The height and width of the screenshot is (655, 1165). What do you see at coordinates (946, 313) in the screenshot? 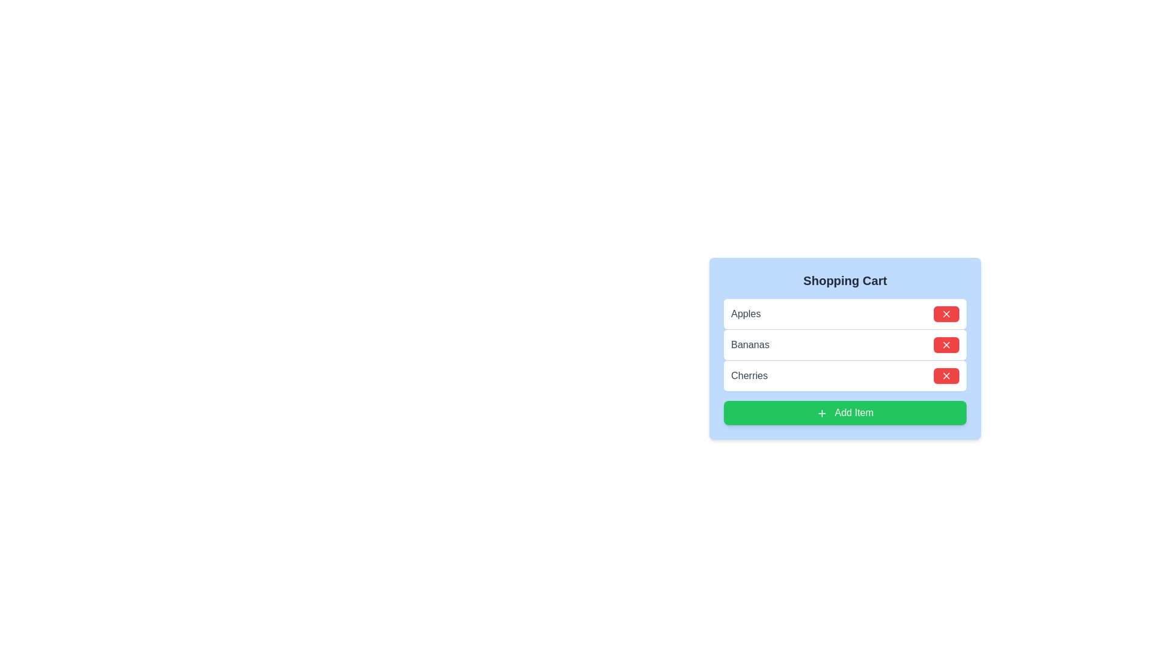
I see `the red button with an 'X' icon, located in the top row aligned with the 'Apples' text, to observe interactivity effects` at bounding box center [946, 313].